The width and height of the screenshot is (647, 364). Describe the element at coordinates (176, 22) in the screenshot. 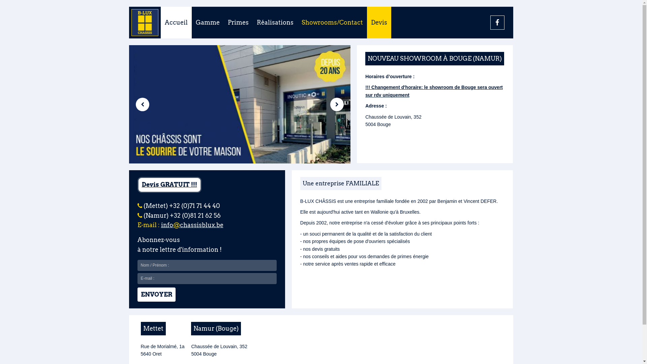

I see `'Accueil'` at that location.